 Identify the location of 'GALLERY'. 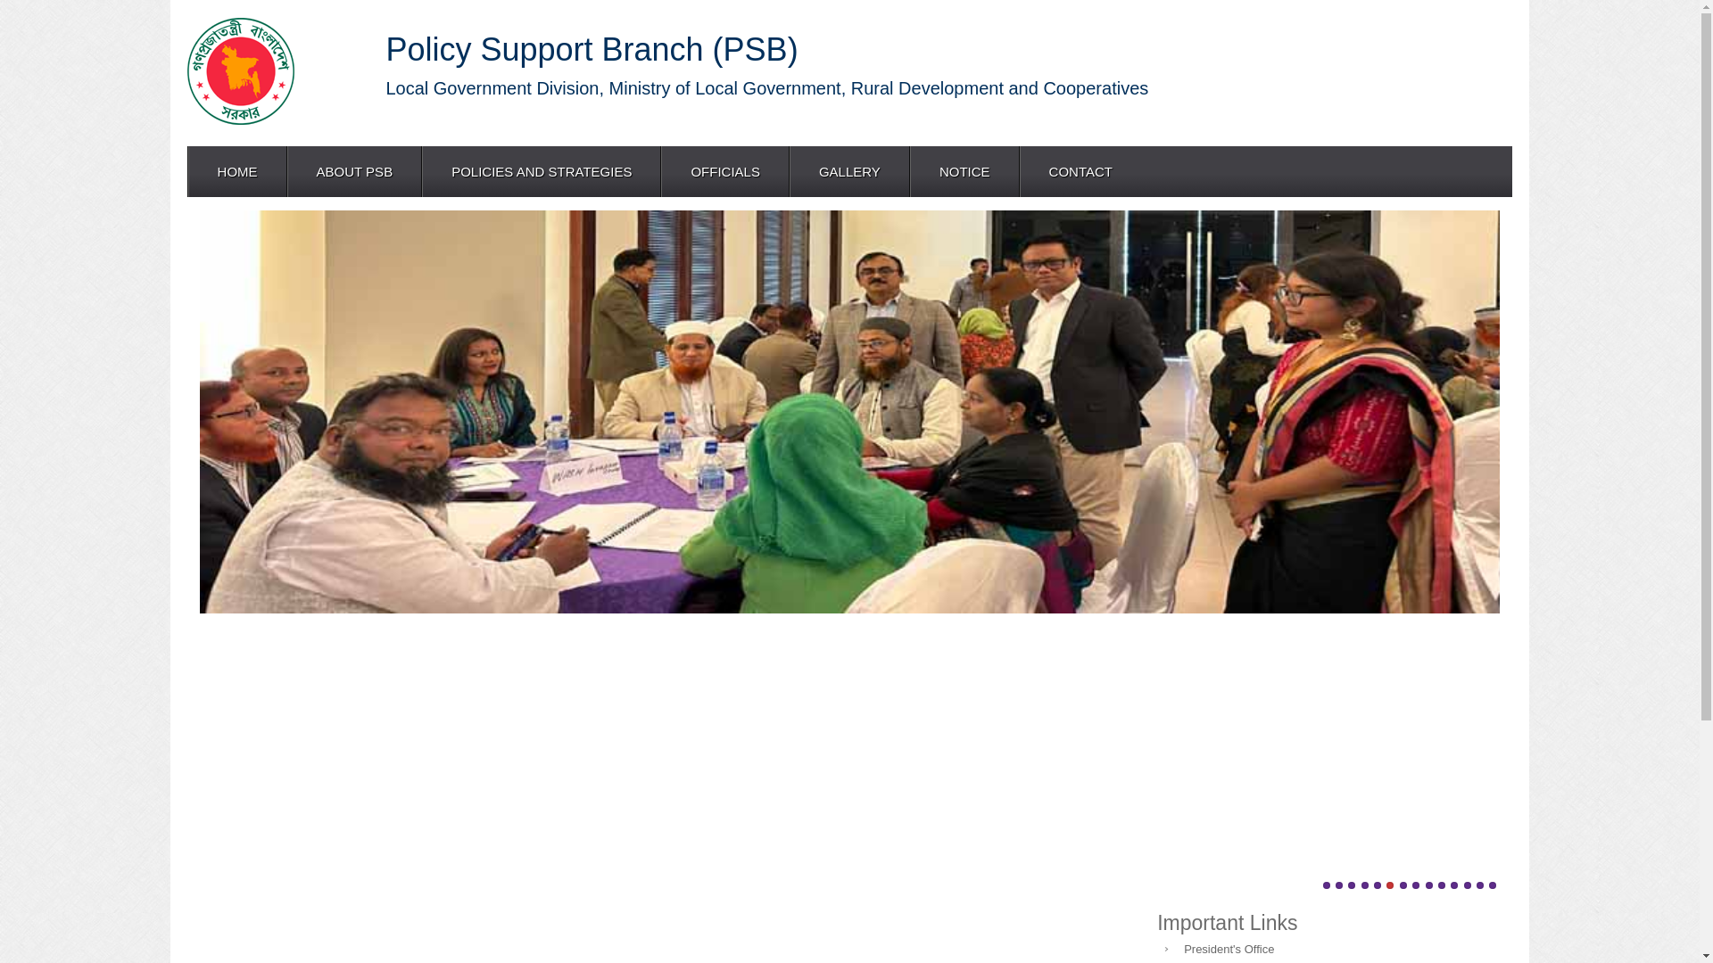
(848, 171).